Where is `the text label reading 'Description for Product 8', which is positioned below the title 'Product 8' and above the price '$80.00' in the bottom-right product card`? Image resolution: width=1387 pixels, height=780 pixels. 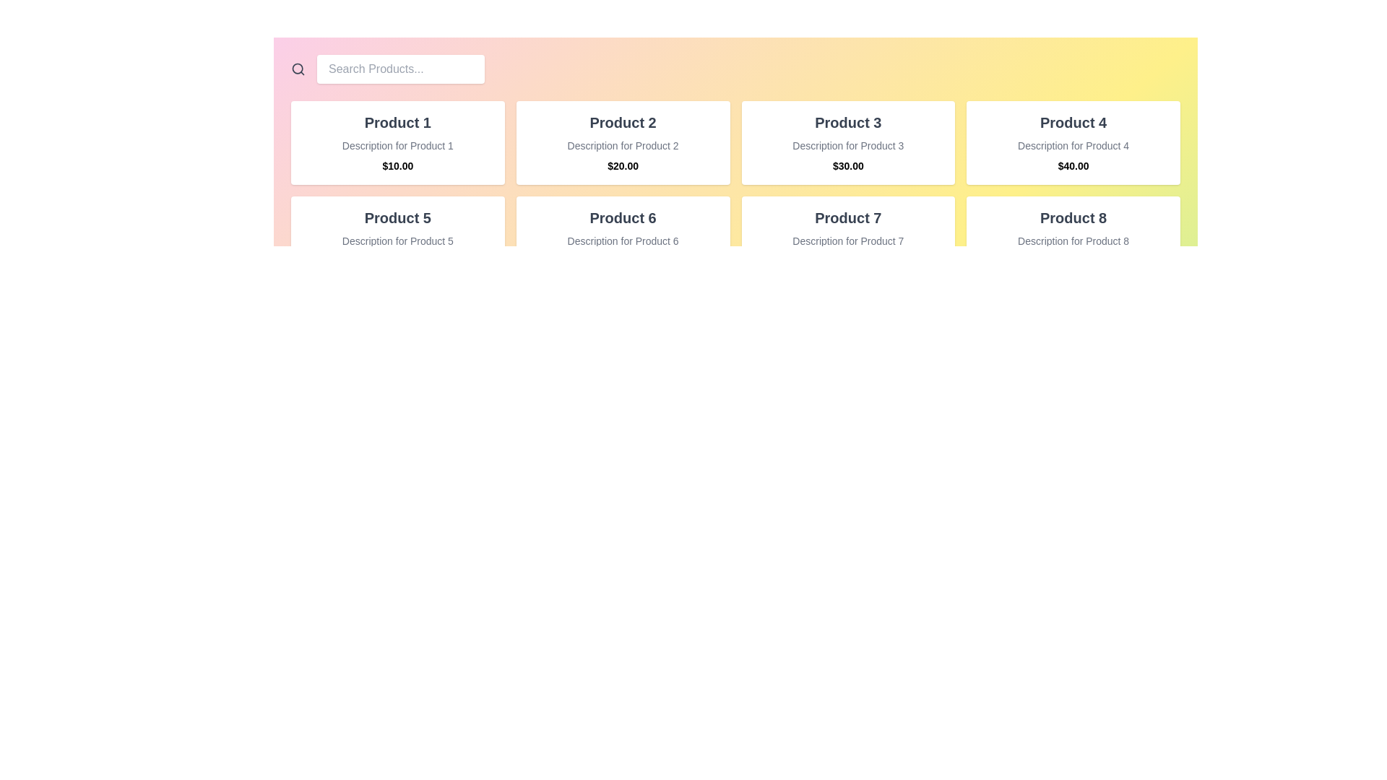 the text label reading 'Description for Product 8', which is positioned below the title 'Product 8' and above the price '$80.00' in the bottom-right product card is located at coordinates (1073, 240).